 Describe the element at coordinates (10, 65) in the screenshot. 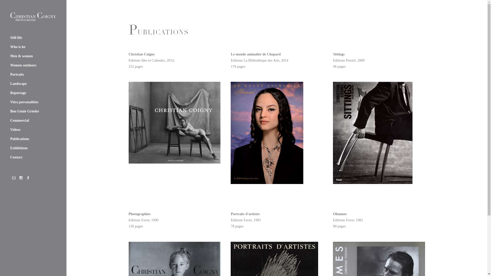

I see `'Women outdoors'` at that location.